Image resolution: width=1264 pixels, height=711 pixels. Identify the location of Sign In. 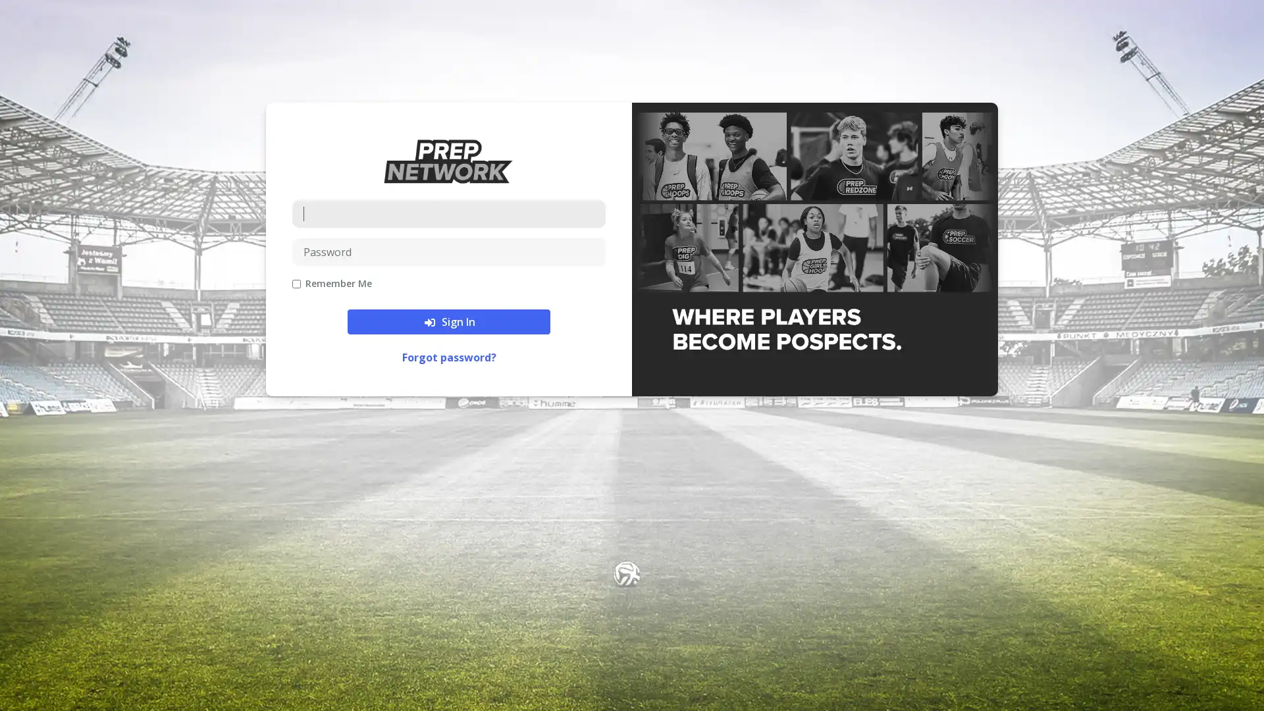
(448, 321).